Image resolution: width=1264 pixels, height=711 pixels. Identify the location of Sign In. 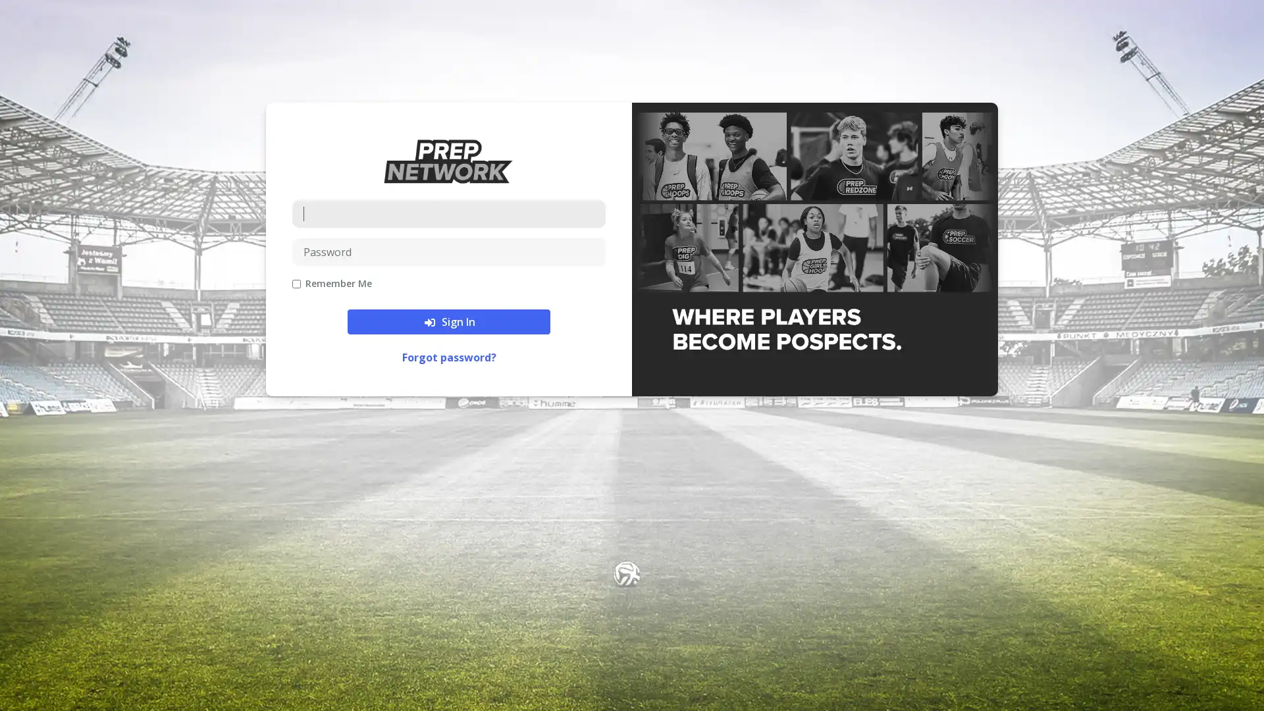
(448, 321).